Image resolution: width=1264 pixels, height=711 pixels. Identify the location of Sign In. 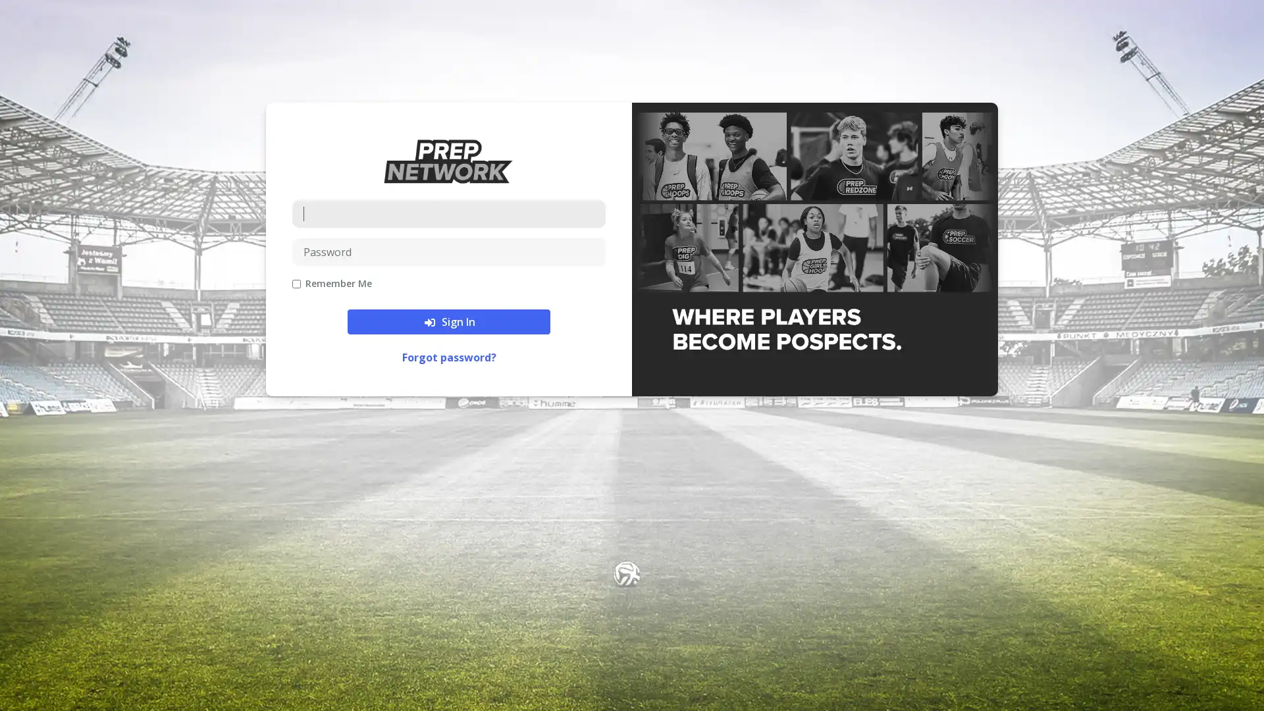
(448, 321).